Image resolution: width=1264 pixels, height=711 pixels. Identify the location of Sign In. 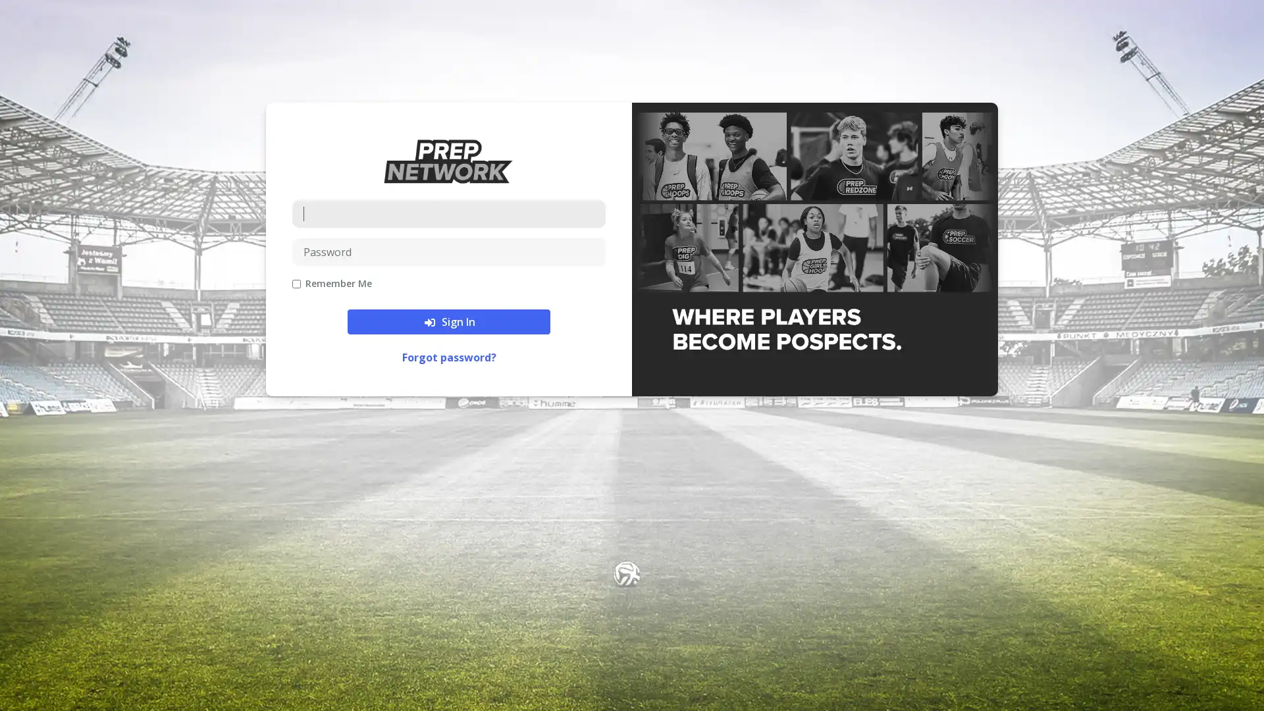
(448, 321).